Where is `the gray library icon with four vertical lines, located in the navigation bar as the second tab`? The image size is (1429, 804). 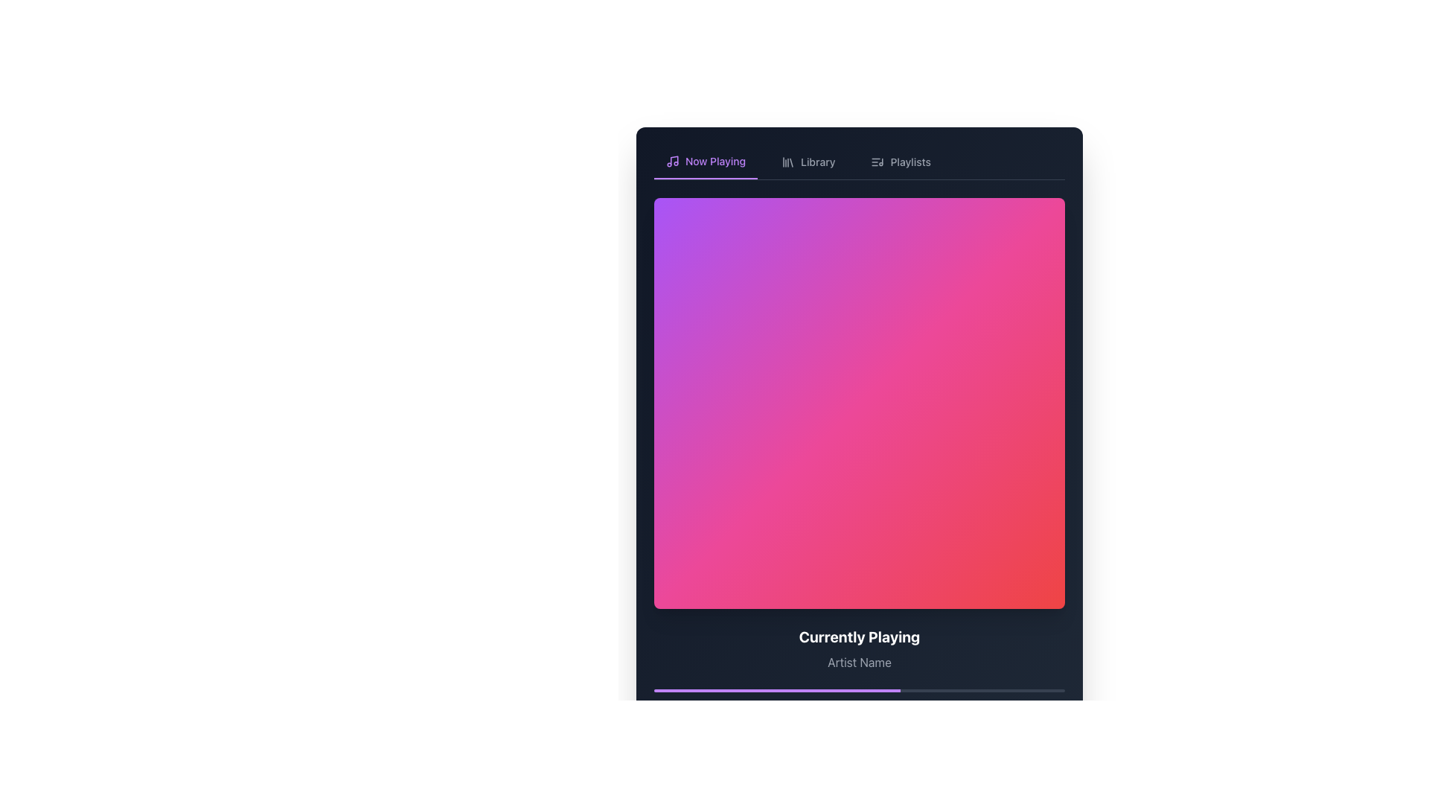
the gray library icon with four vertical lines, located in the navigation bar as the second tab is located at coordinates (787, 162).